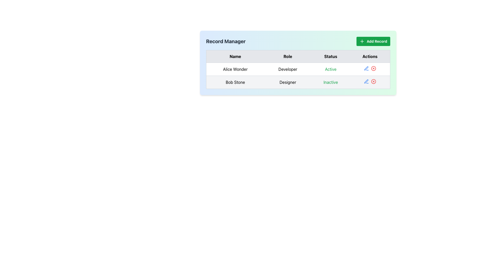 Image resolution: width=491 pixels, height=276 pixels. Describe the element at coordinates (370, 69) in the screenshot. I see `the edit icon in the Table Action Cell located in the 'Actions' column of the first row, which contains icons for editing and deleting the entry for 'Alice Wonder'` at that location.